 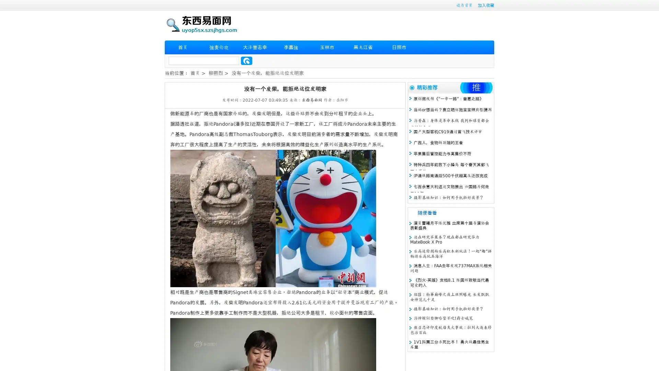 What do you see at coordinates (246, 60) in the screenshot?
I see `Search` at bounding box center [246, 60].